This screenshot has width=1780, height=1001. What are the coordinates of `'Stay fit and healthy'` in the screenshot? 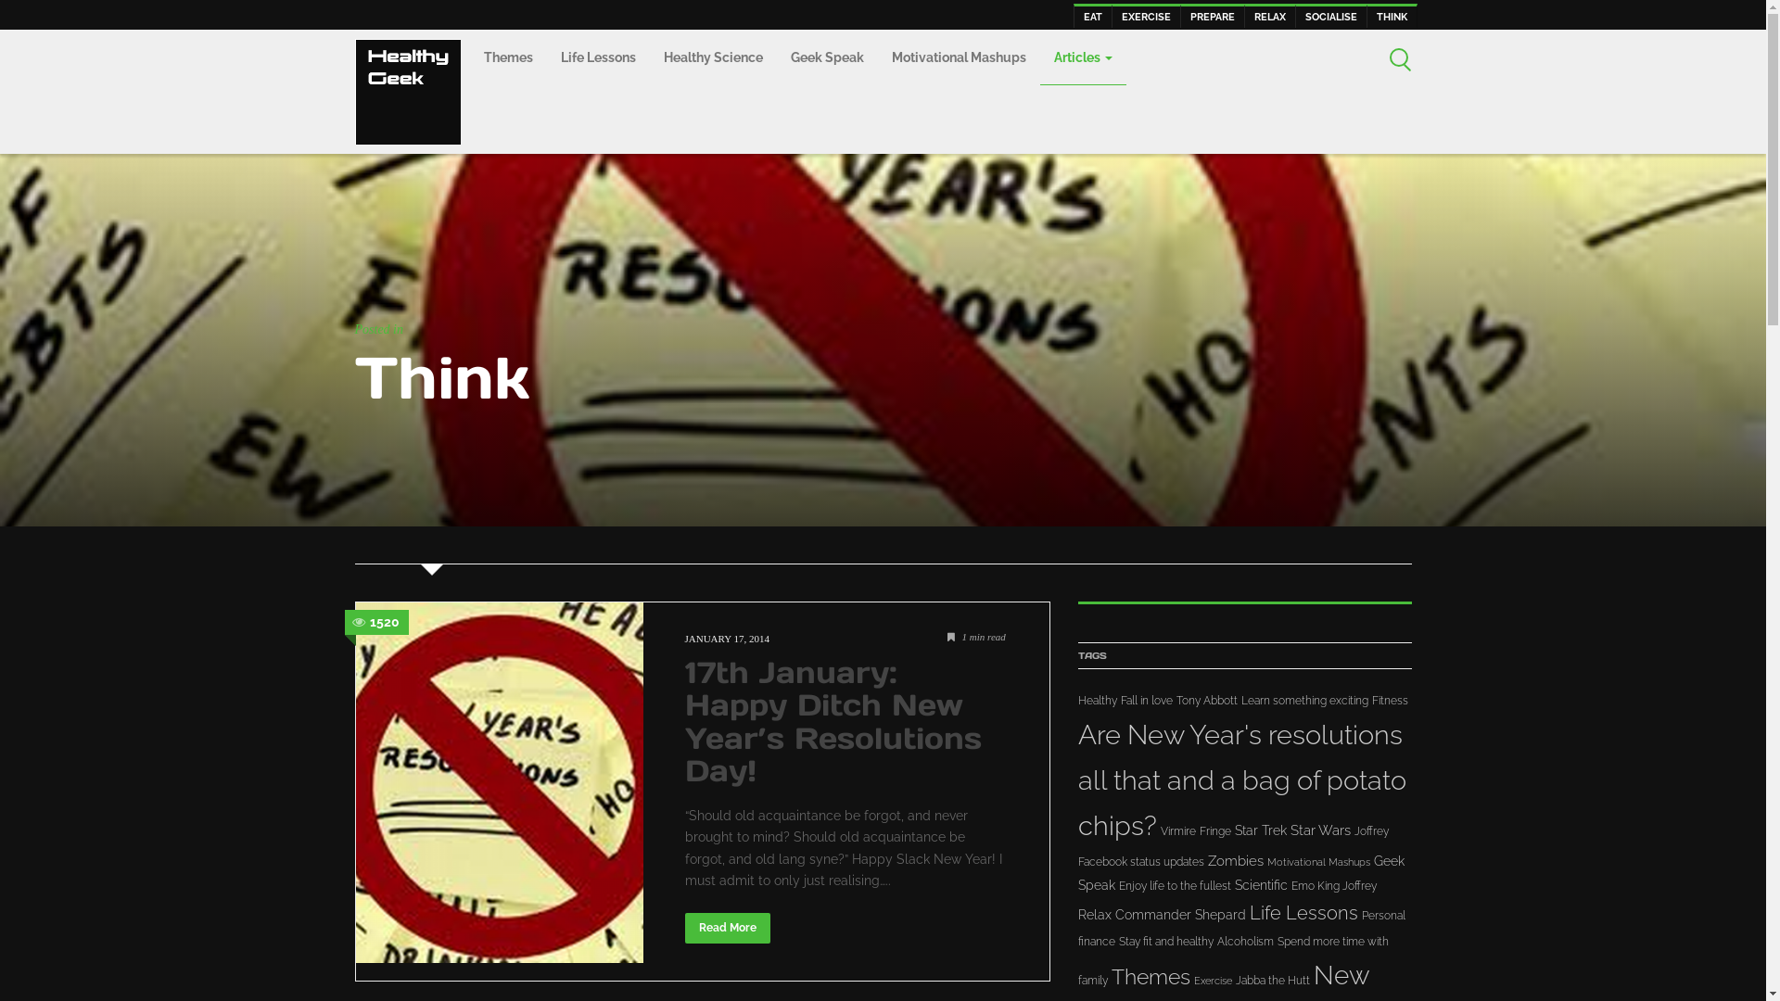 It's located at (1164, 941).